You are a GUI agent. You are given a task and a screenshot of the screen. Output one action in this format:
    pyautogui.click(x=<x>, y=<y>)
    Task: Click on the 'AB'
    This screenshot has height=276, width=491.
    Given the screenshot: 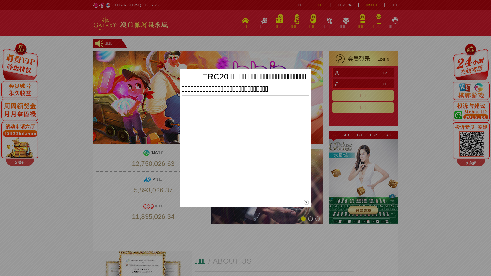 What is the action you would take?
    pyautogui.click(x=342, y=135)
    